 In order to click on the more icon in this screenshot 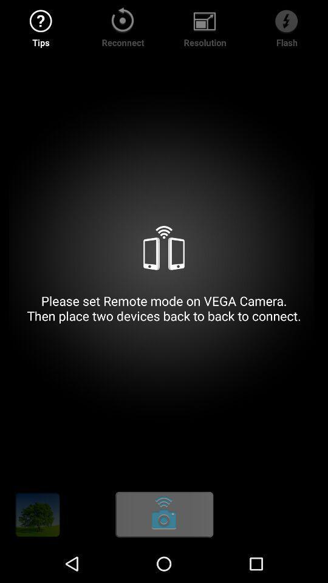, I will do `click(164, 551)`.